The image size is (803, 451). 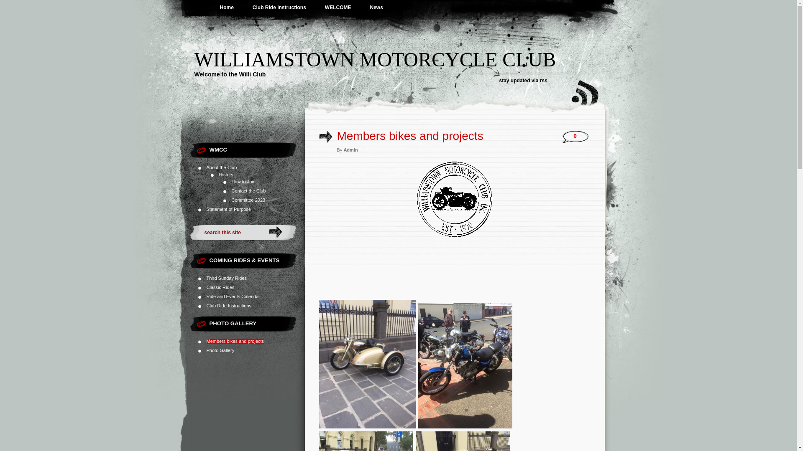 I want to click on 'Third Sunday Rides', so click(x=227, y=278).